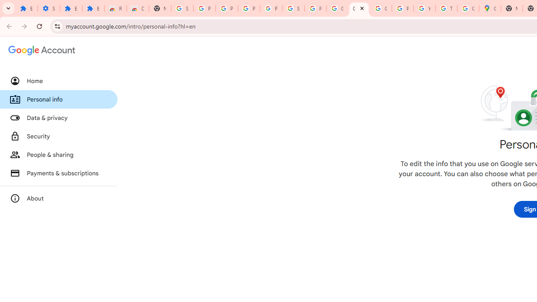 The height and width of the screenshot is (302, 537). I want to click on 'Data & privacy', so click(58, 118).